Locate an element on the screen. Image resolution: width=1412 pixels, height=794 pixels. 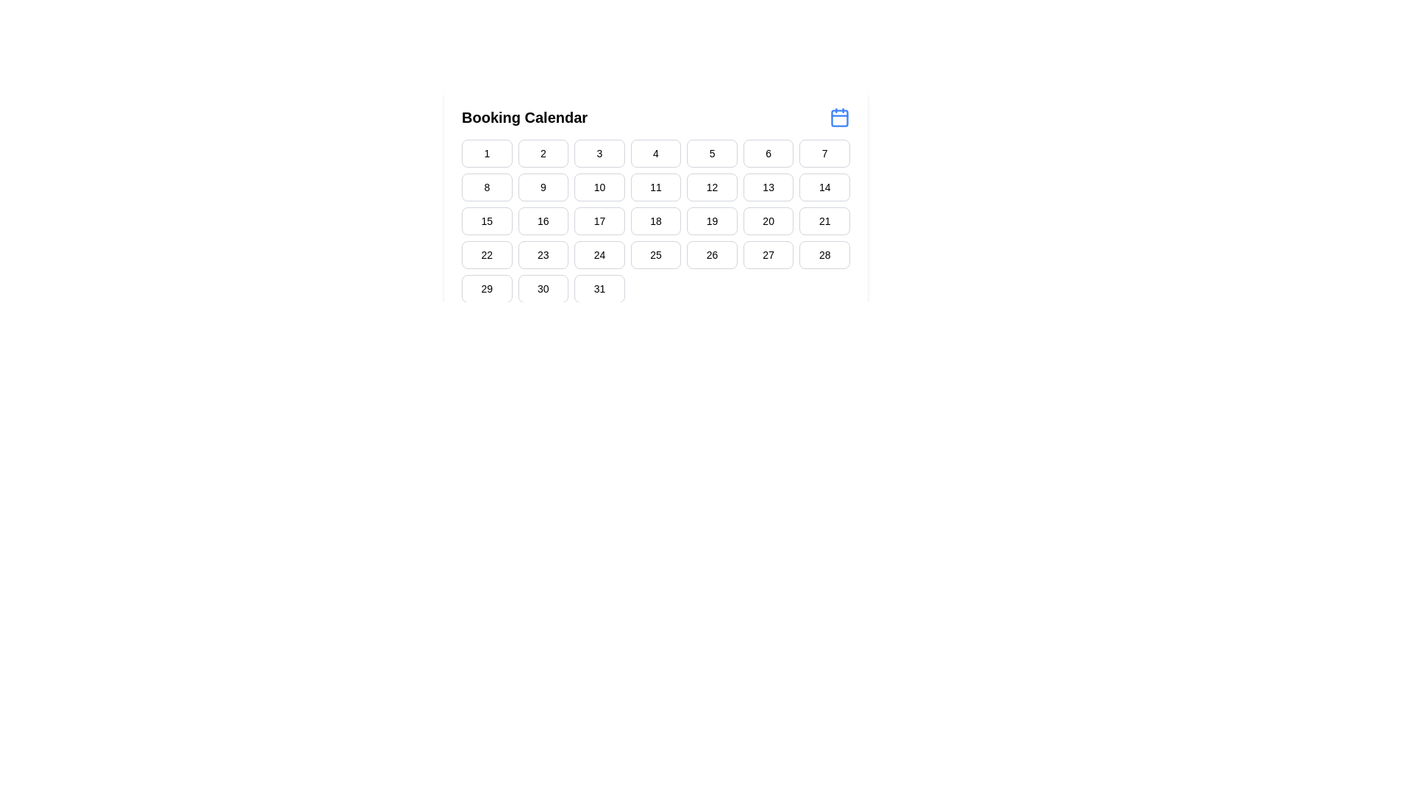
the button representing the 22nd date in the calendar interface is located at coordinates (487, 254).